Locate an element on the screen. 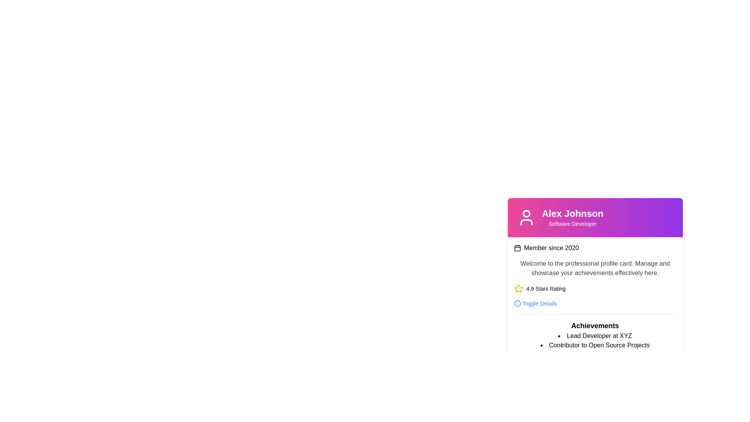 This screenshot has height=422, width=750. the leftmost rating star icon representing a rating score of 4.9 in the card interface is located at coordinates (518, 289).